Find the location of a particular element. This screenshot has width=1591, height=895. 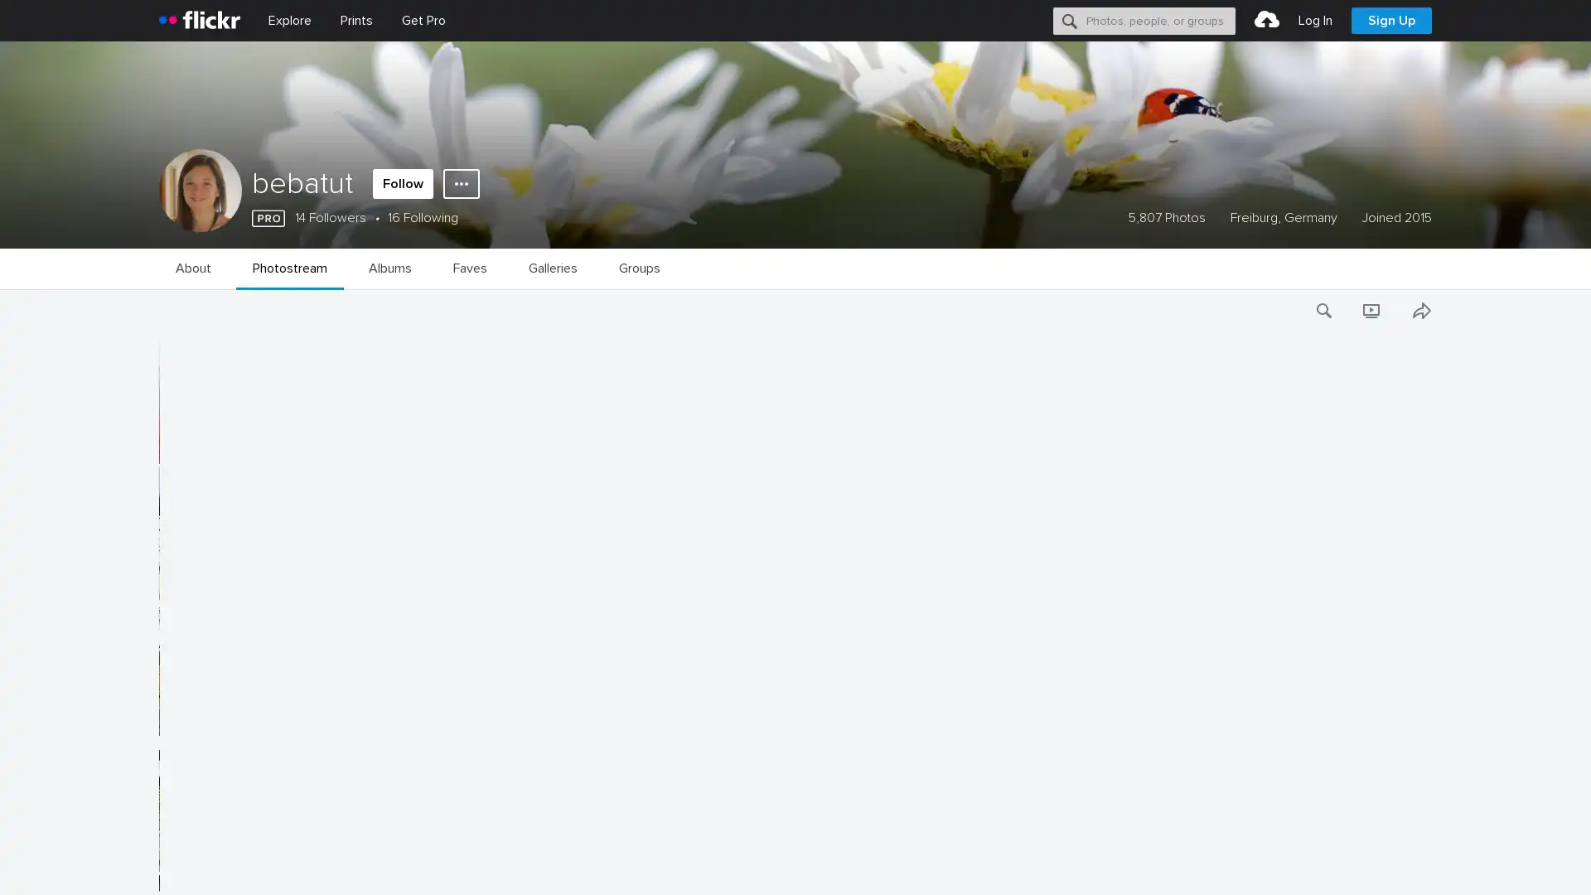

Add to Favorites is located at coordinates (159, 450).